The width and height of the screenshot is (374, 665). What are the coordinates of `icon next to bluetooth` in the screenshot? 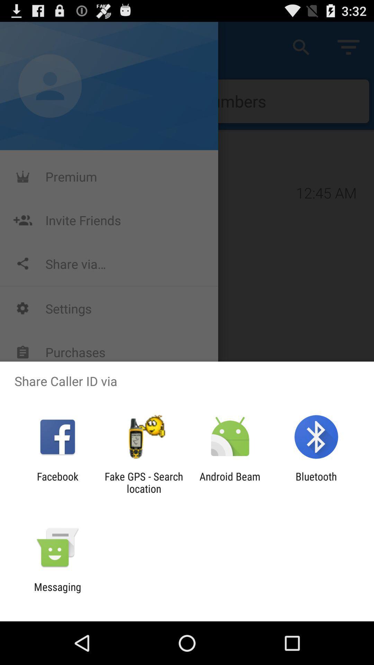 It's located at (230, 482).